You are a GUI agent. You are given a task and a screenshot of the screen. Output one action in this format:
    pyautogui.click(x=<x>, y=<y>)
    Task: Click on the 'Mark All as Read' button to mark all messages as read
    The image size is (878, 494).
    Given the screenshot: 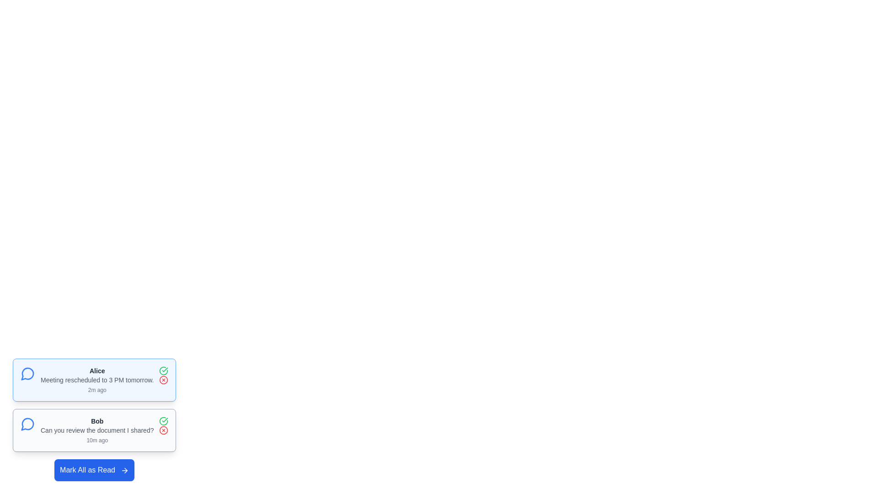 What is the action you would take?
    pyautogui.click(x=94, y=470)
    